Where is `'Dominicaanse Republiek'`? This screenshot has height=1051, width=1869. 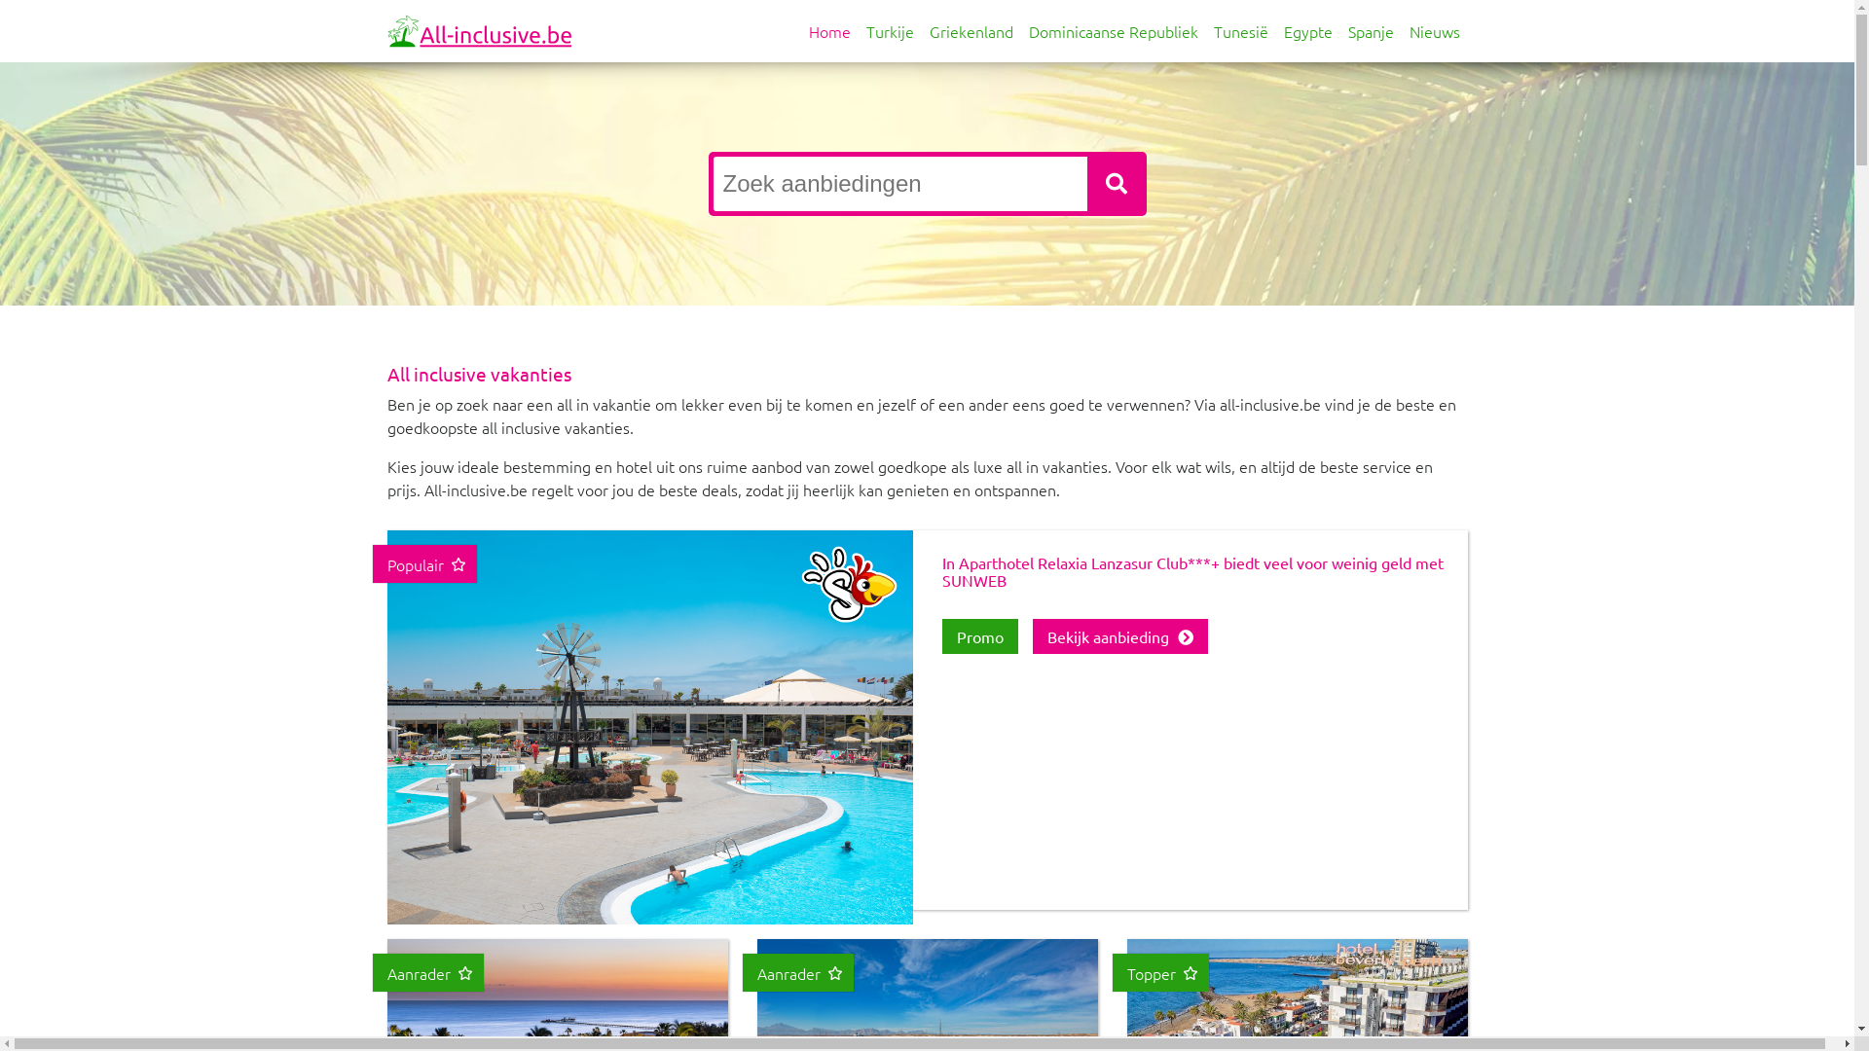
'Dominicaanse Republiek' is located at coordinates (1112, 30).